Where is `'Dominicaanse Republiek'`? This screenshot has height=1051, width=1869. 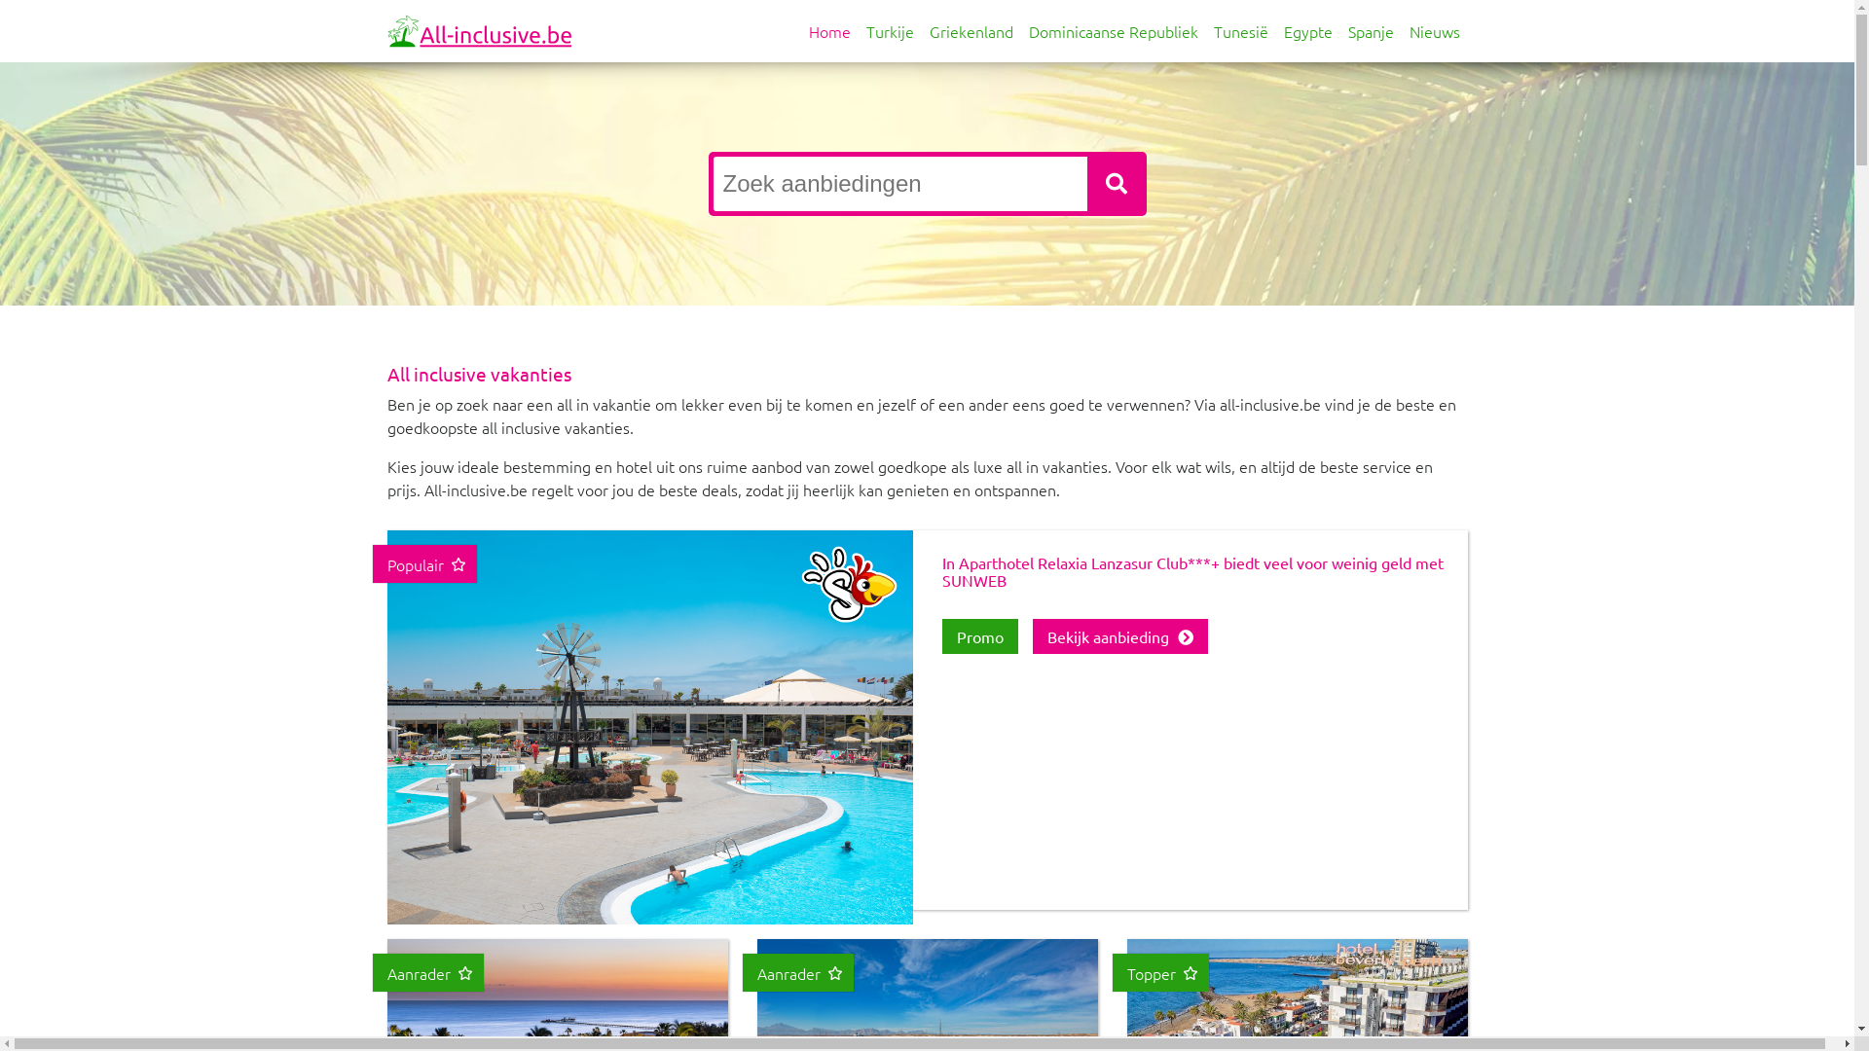
'Dominicaanse Republiek' is located at coordinates (1112, 30).